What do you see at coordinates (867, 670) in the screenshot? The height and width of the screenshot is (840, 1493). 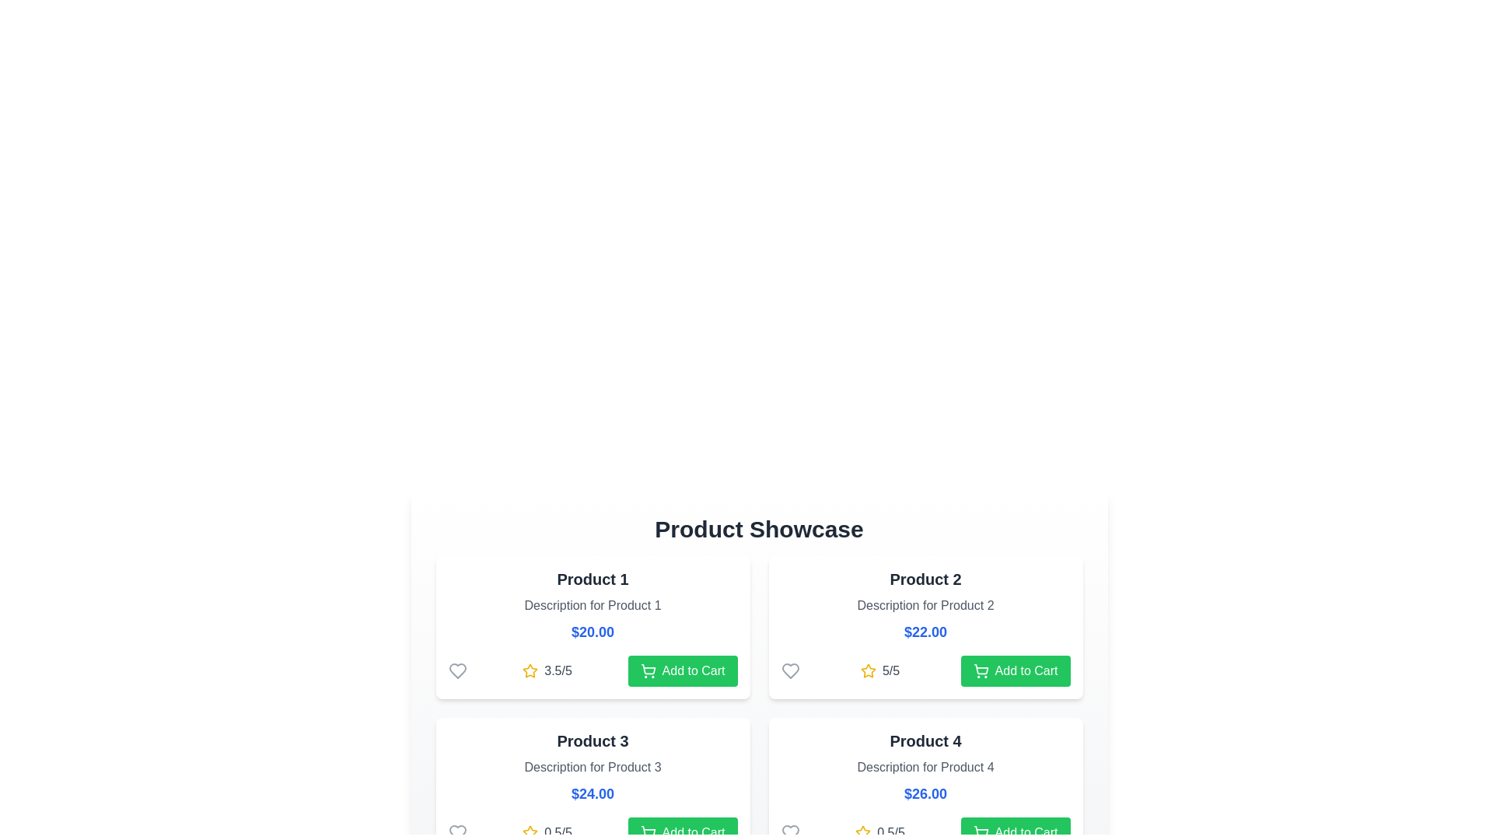 I see `the yellow five-pointed star icon adjacent to the text '5/5' for accessibility purposes` at bounding box center [867, 670].